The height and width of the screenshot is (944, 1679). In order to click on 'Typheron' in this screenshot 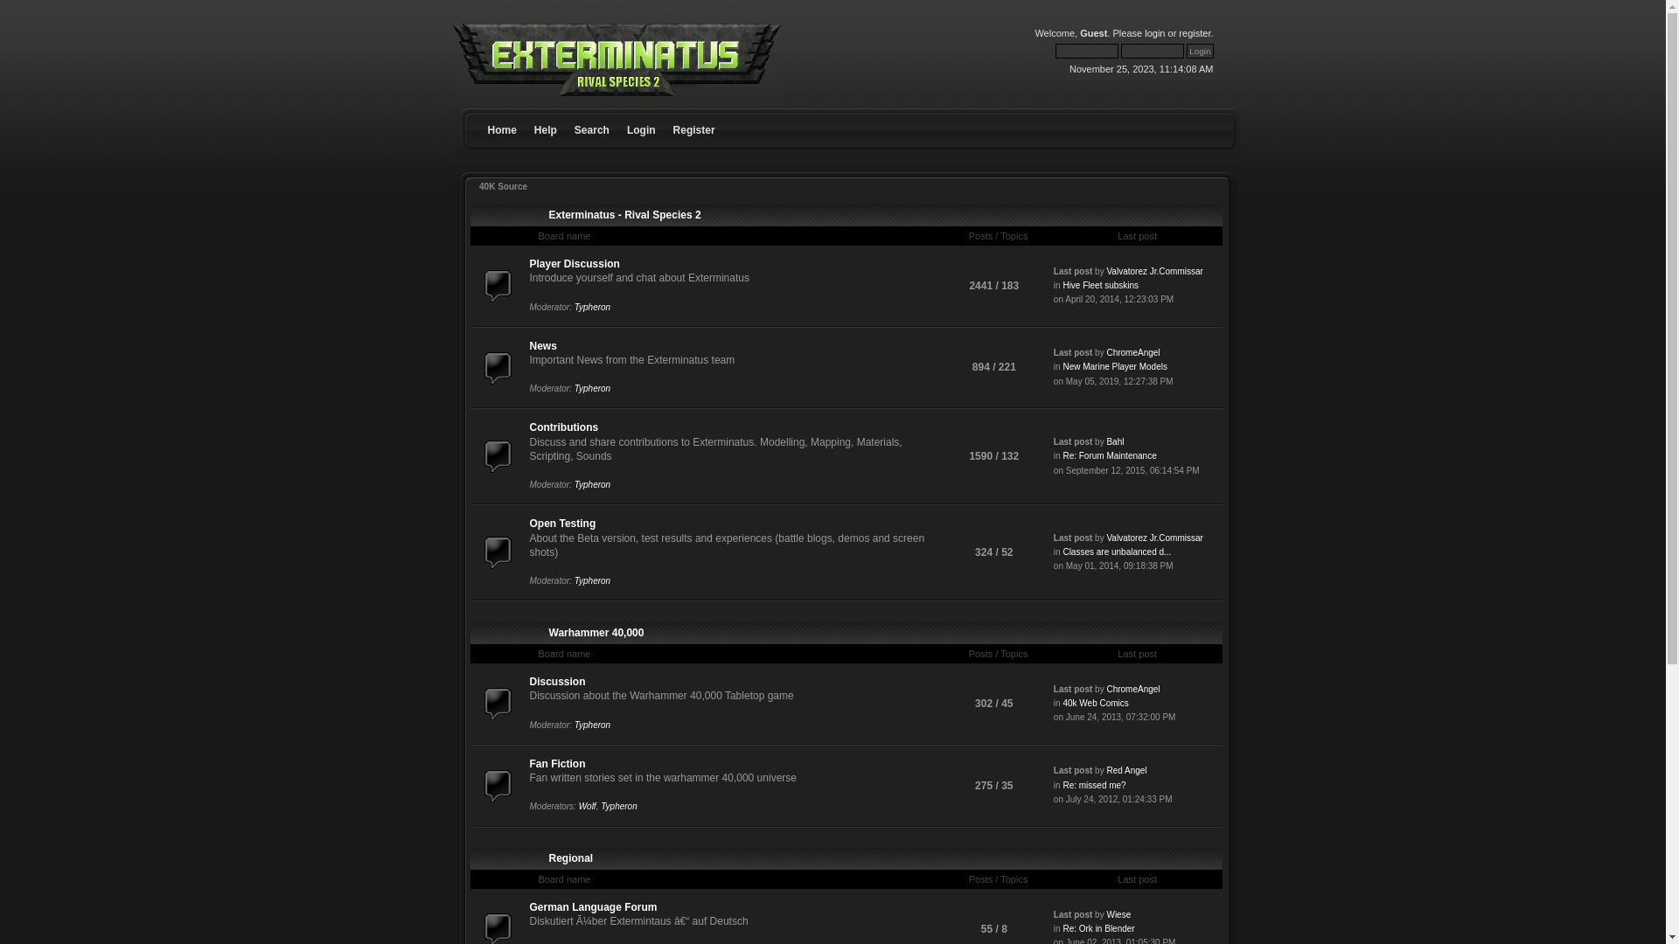, I will do `click(592, 306)`.